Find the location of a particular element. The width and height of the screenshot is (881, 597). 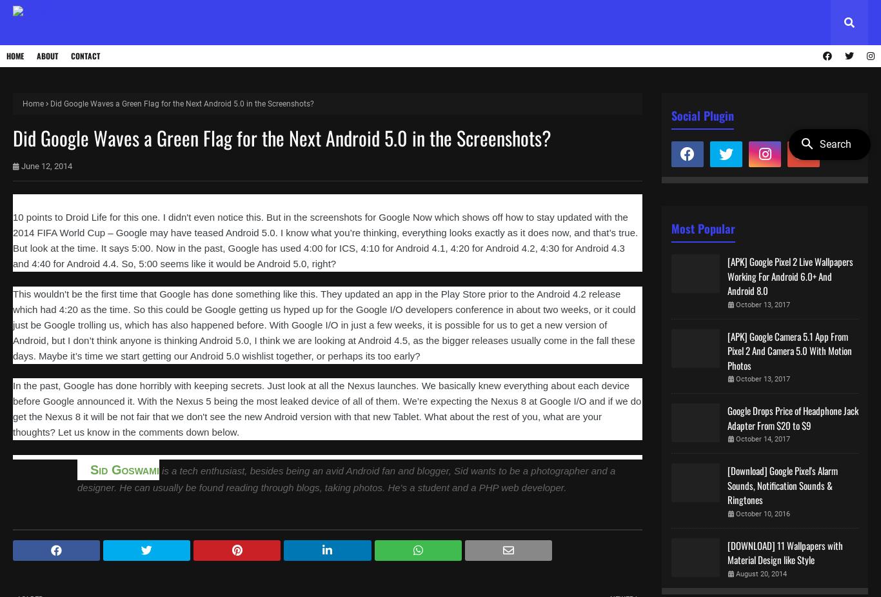

'Google Drops Price of Headphone Jack Adapter From $20 to $9' is located at coordinates (793, 418).